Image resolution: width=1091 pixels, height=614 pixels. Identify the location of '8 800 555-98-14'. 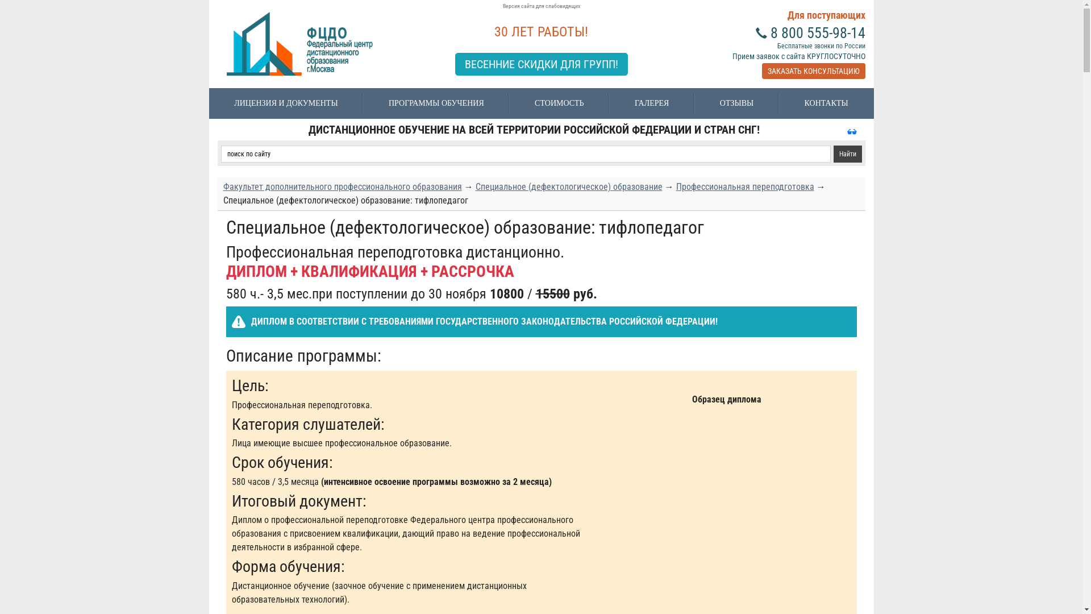
(771, 32).